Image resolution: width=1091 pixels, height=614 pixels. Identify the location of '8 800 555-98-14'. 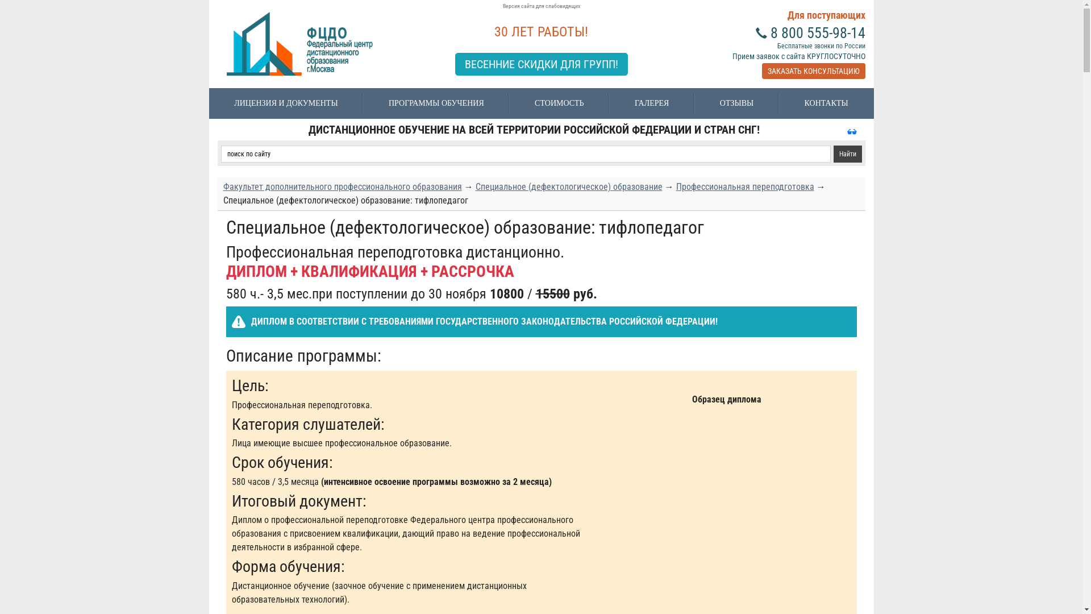
(771, 32).